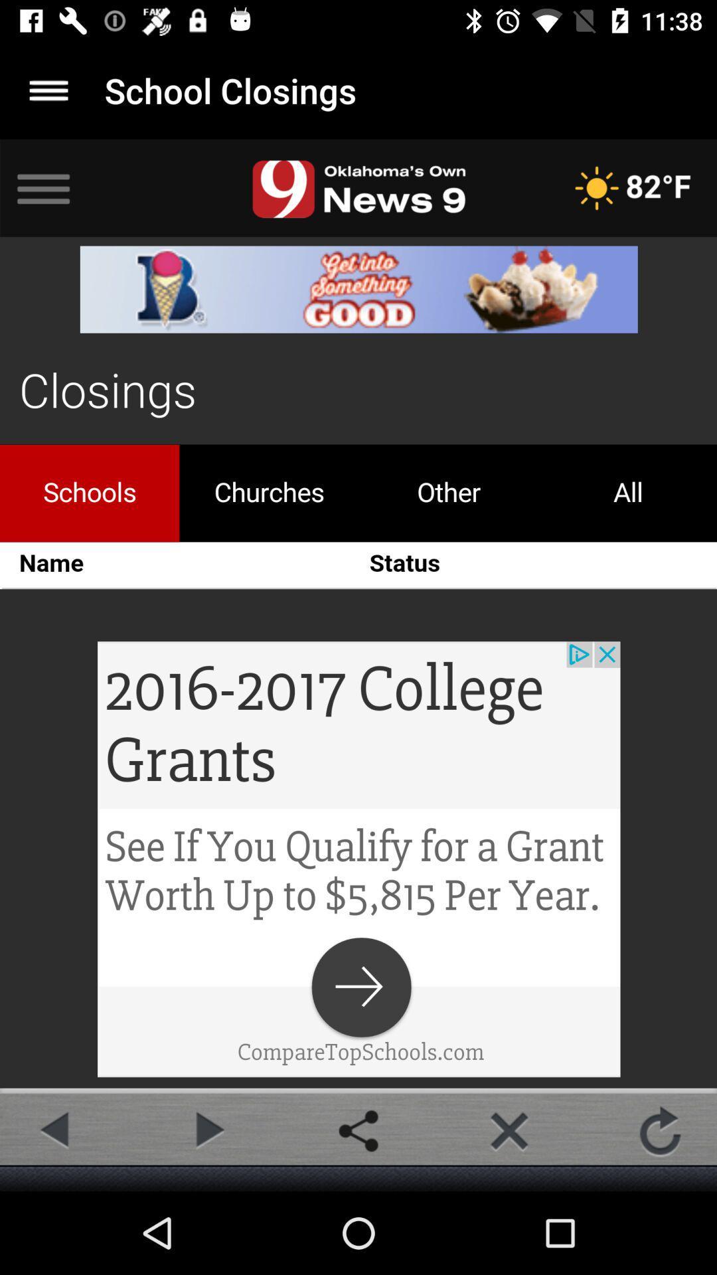  What do you see at coordinates (48, 90) in the screenshot?
I see `the menu icon` at bounding box center [48, 90].